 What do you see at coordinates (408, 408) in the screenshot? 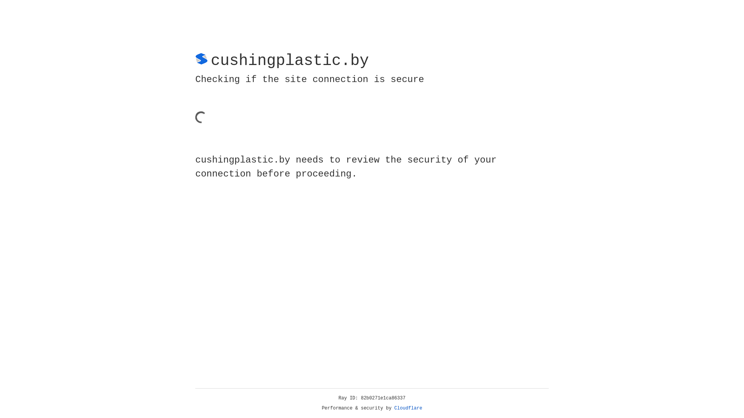
I see `'Cloudflare'` at bounding box center [408, 408].